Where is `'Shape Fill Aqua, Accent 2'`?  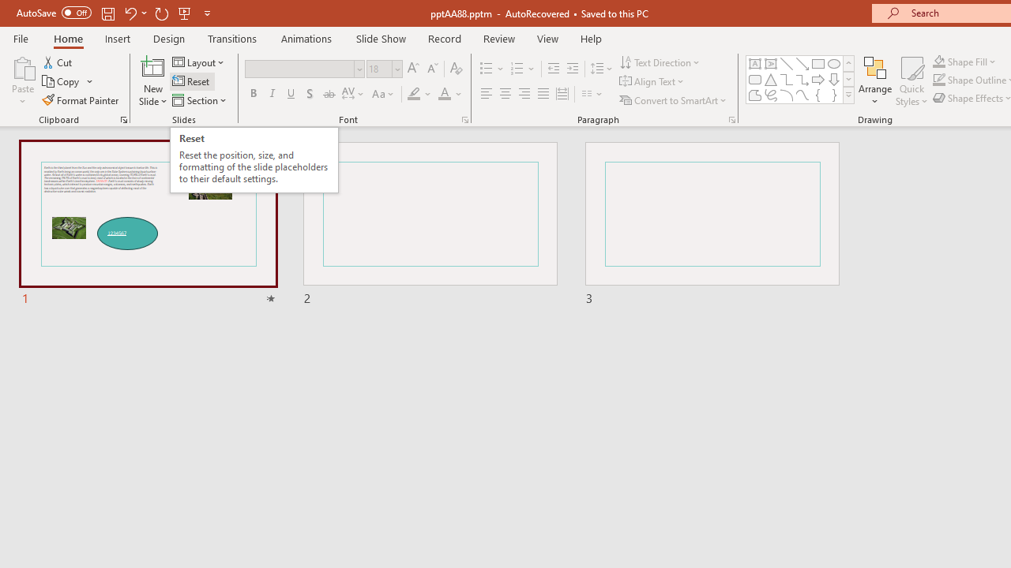 'Shape Fill Aqua, Accent 2' is located at coordinates (939, 61).